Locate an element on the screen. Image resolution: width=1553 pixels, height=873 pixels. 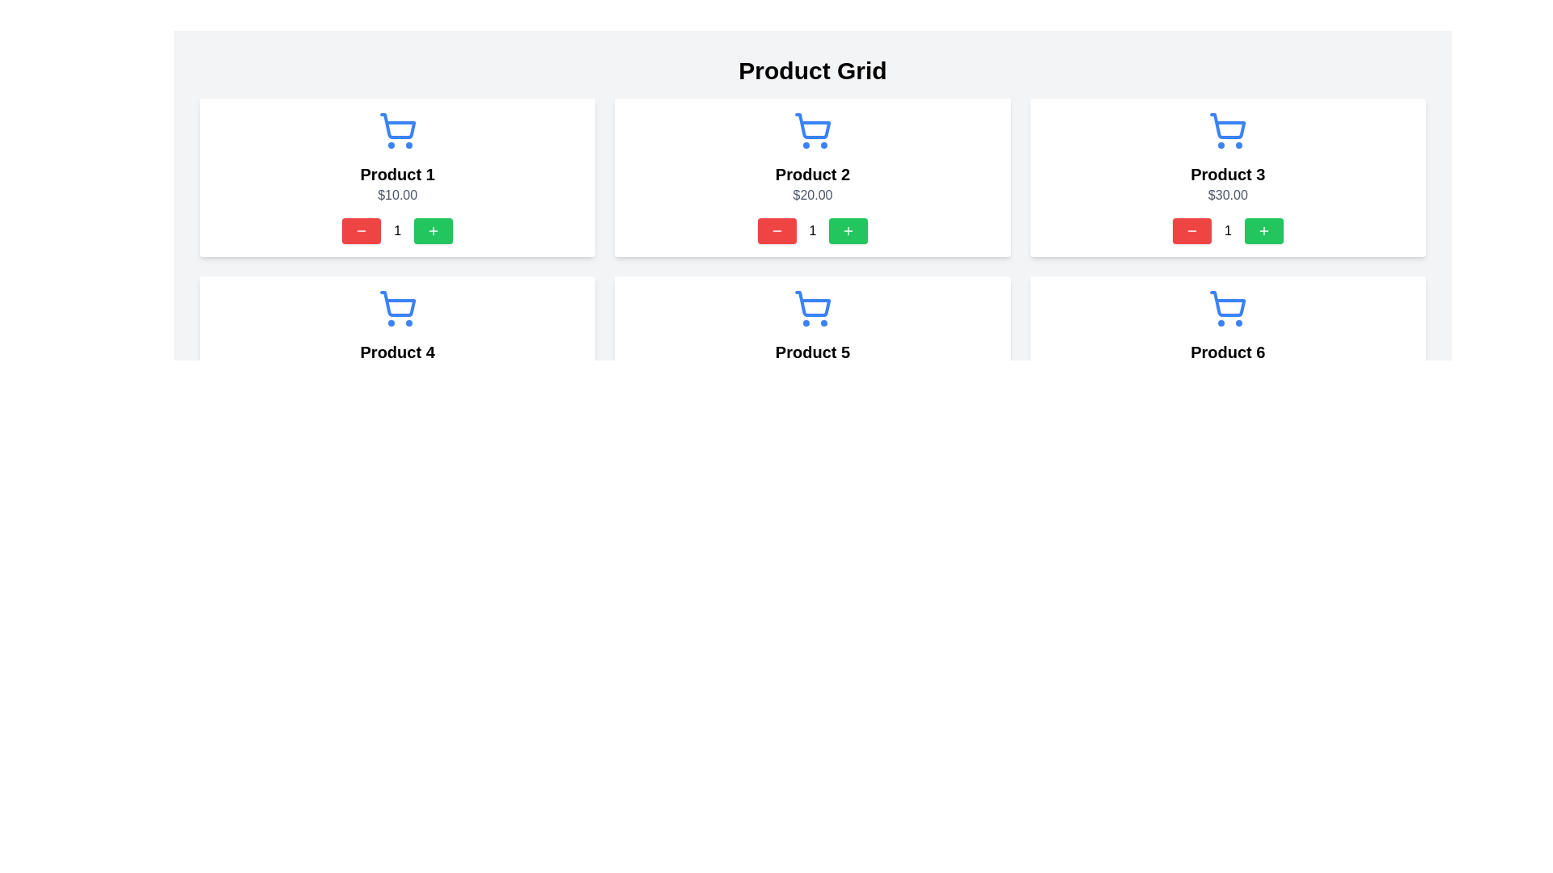
the shopping cart icon with a blue outline and rounded corners, located centered above the product title and price text of 'Product 5' is located at coordinates (812, 308).